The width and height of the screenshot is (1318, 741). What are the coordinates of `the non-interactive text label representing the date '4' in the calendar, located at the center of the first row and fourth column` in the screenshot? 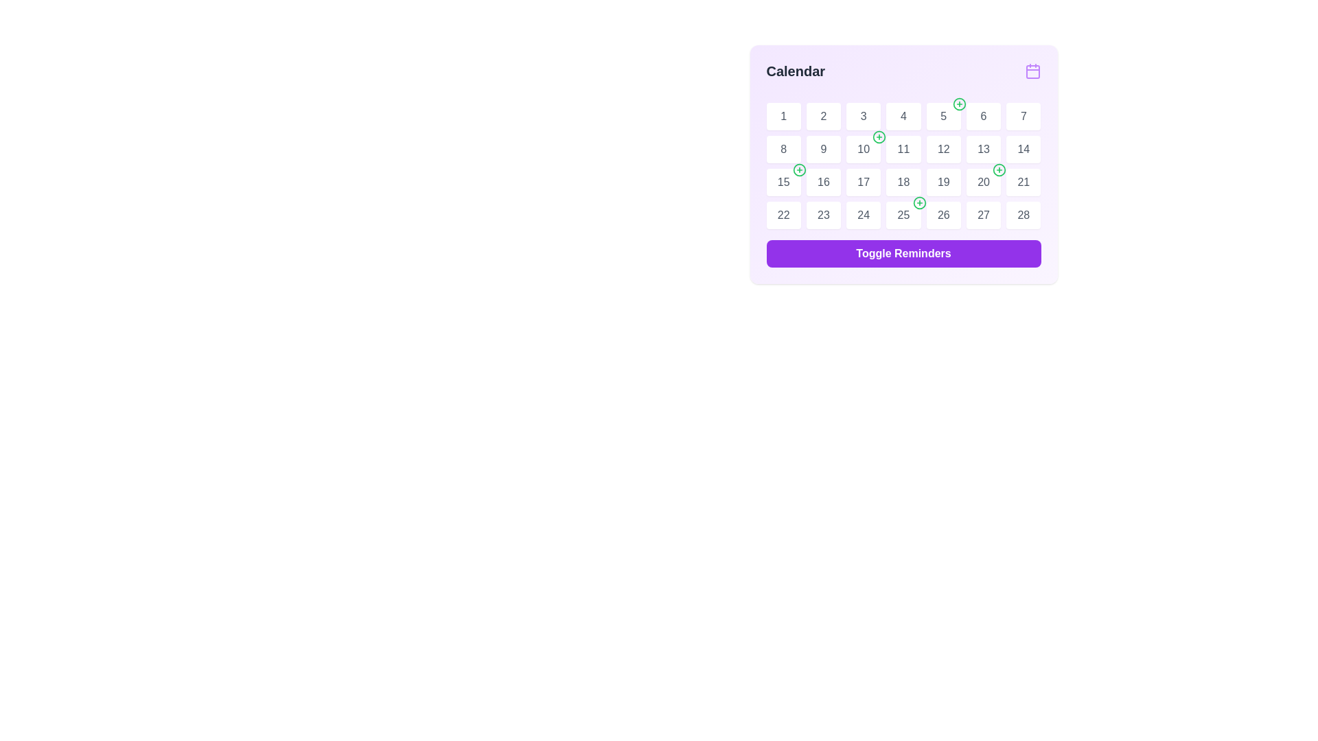 It's located at (903, 115).